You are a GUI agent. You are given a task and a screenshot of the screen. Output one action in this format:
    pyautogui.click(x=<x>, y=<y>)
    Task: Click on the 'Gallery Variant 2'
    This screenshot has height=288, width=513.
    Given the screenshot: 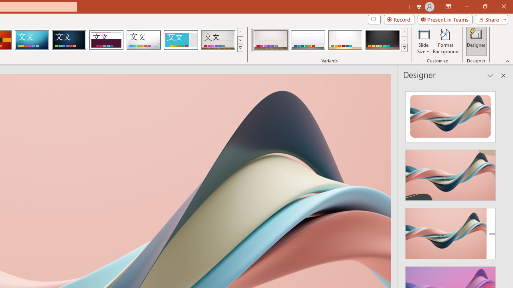 What is the action you would take?
    pyautogui.click(x=307, y=40)
    